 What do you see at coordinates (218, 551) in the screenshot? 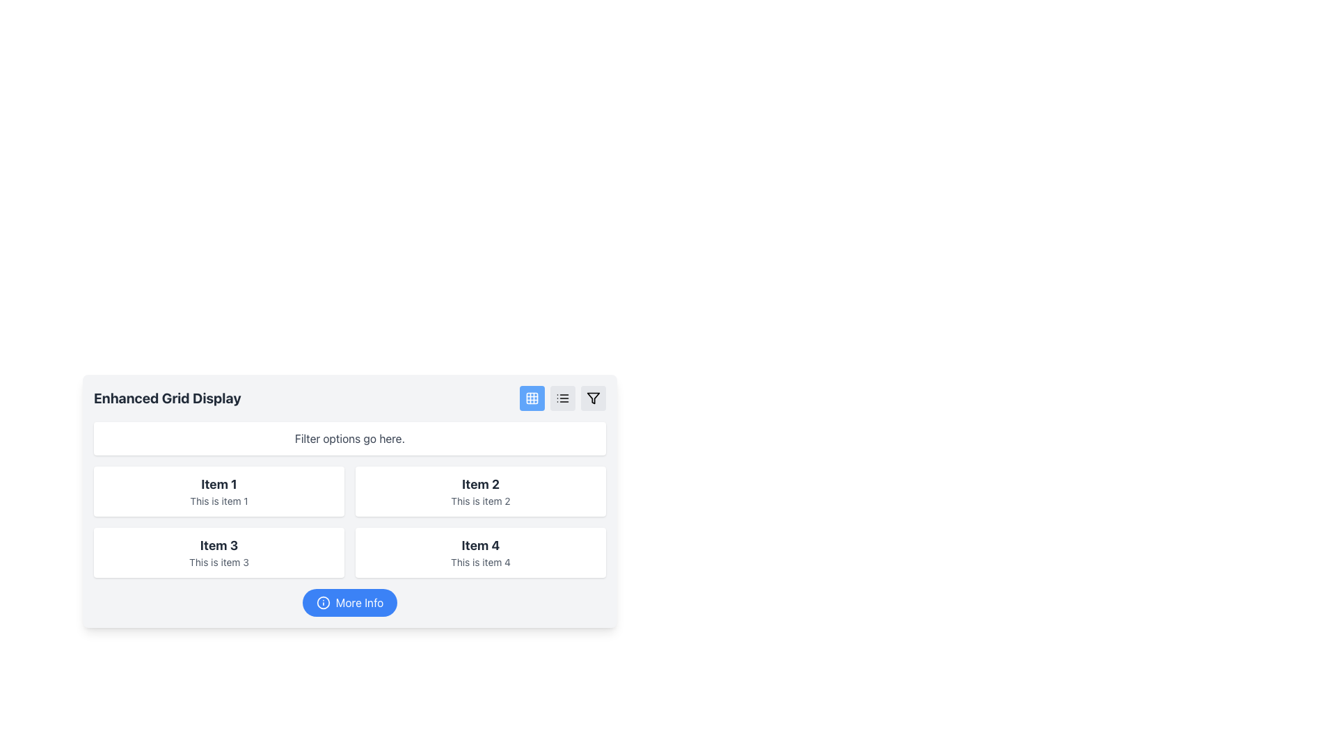
I see `the content card displaying information about 'Item 3', located in the lower row of a 2x2 grid layout, specifically at the first column, directly under 'Item 1' and to the left of 'Item 4'` at bounding box center [218, 551].